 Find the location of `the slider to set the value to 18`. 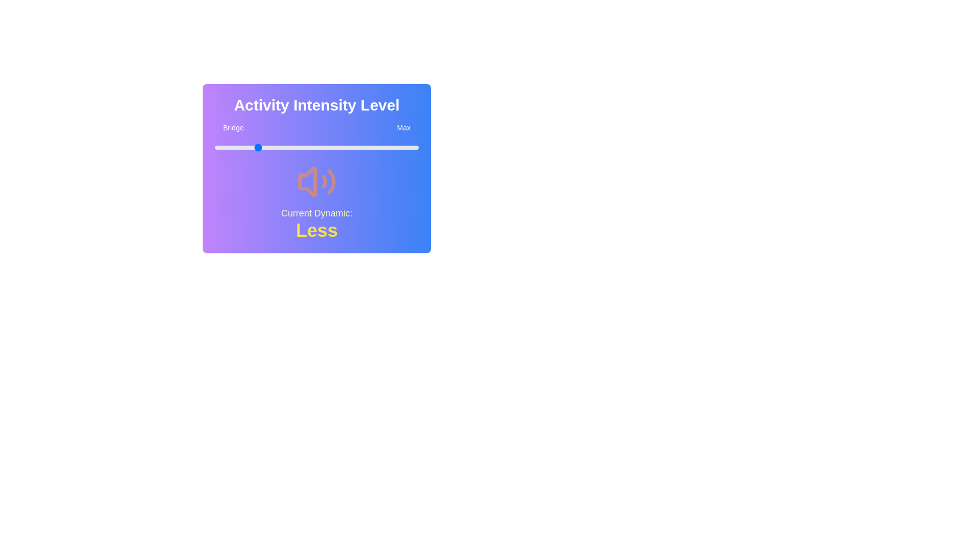

the slider to set the value to 18 is located at coordinates (252, 147).